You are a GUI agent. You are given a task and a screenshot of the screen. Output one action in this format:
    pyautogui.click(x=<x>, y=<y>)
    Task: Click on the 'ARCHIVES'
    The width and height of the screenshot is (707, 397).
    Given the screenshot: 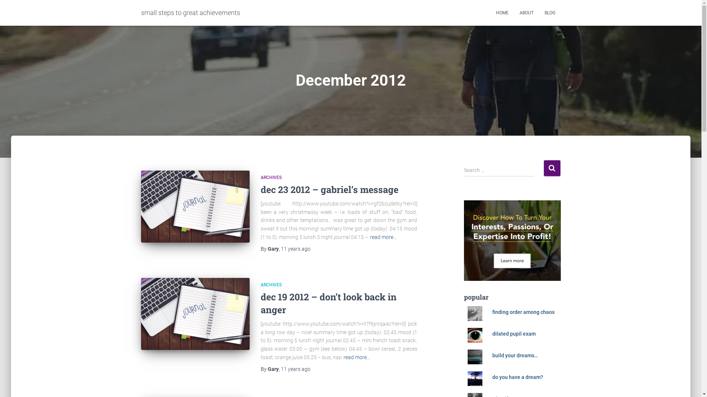 What is the action you would take?
    pyautogui.click(x=271, y=177)
    